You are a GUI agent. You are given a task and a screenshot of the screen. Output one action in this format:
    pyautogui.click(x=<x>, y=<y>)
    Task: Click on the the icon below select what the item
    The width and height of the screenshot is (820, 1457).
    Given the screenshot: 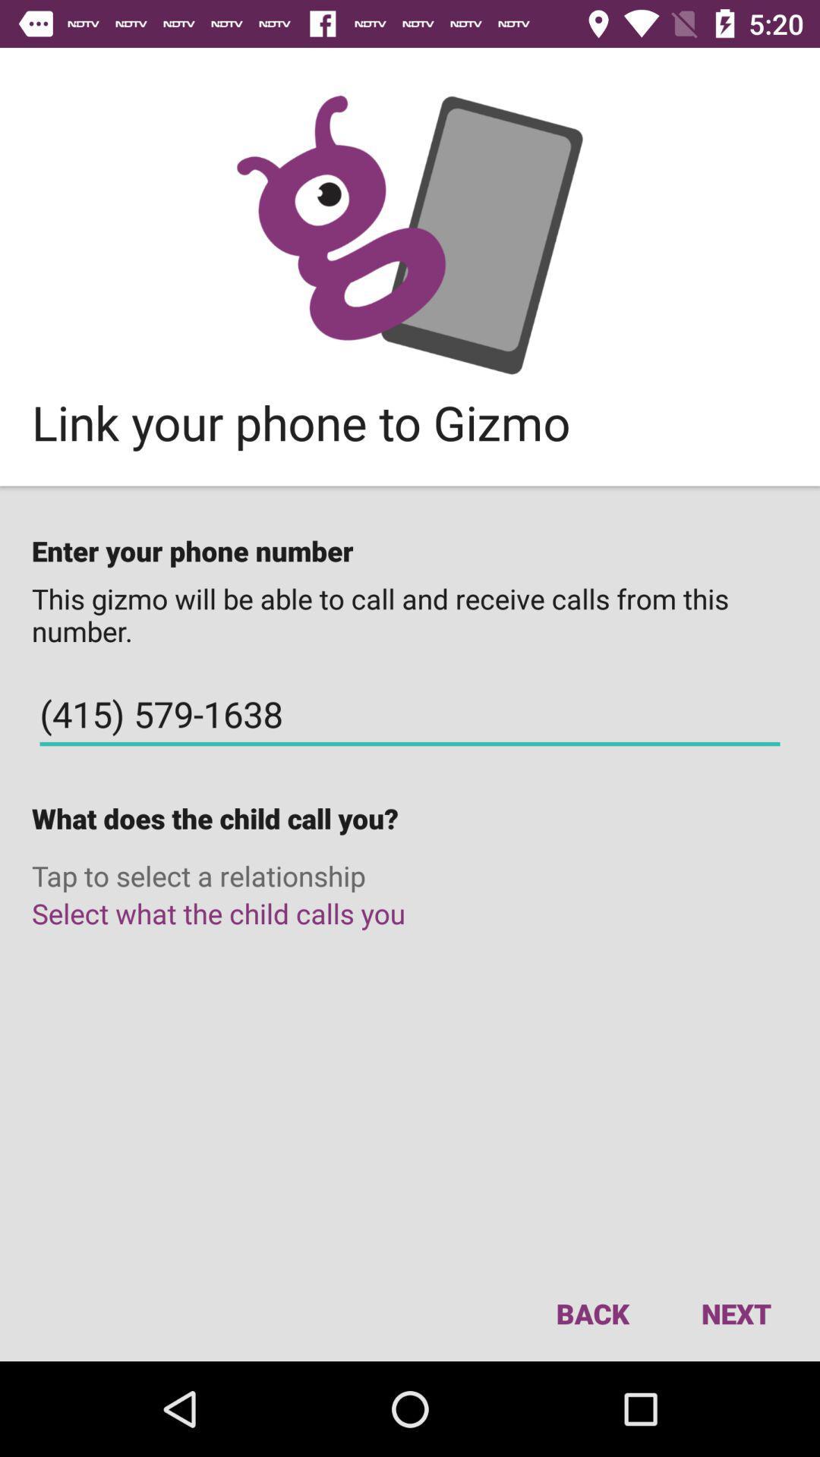 What is the action you would take?
    pyautogui.click(x=735, y=1313)
    